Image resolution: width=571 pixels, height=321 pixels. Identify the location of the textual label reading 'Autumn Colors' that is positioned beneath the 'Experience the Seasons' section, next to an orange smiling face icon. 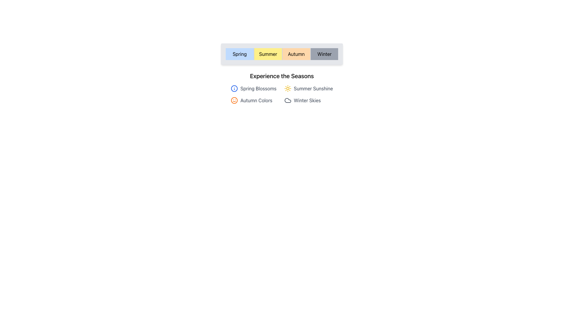
(256, 100).